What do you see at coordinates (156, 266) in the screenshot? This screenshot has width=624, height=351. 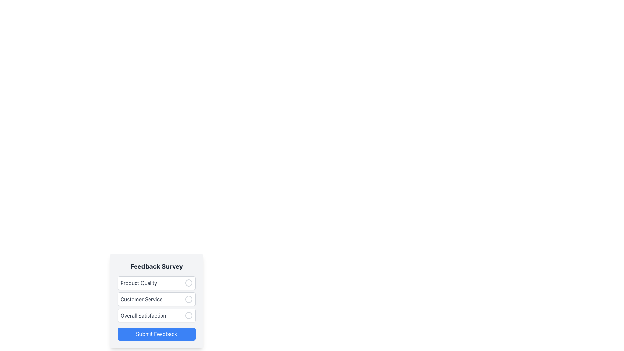 I see `the Static Text element displaying 'Feedback Survey' in bold, located at the top of the feedback form interface` at bounding box center [156, 266].